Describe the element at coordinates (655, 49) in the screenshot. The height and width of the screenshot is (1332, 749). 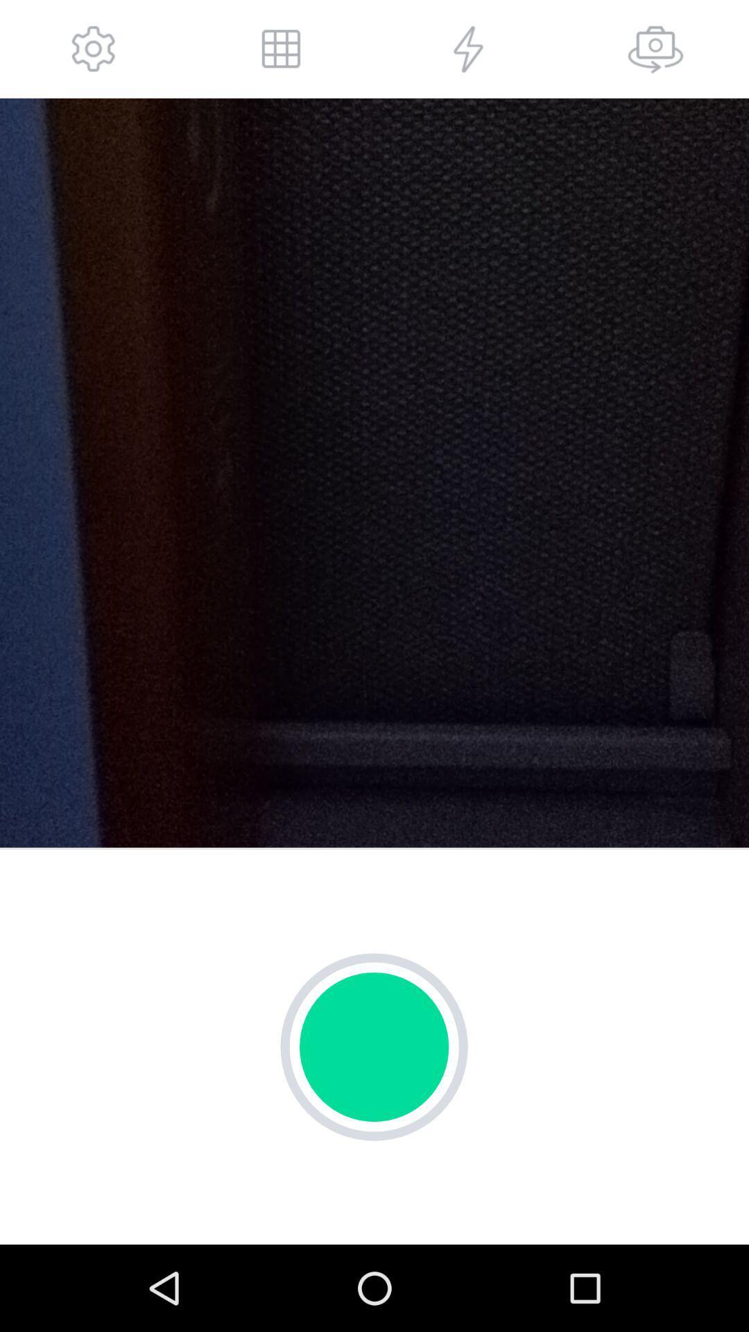
I see `cammer` at that location.